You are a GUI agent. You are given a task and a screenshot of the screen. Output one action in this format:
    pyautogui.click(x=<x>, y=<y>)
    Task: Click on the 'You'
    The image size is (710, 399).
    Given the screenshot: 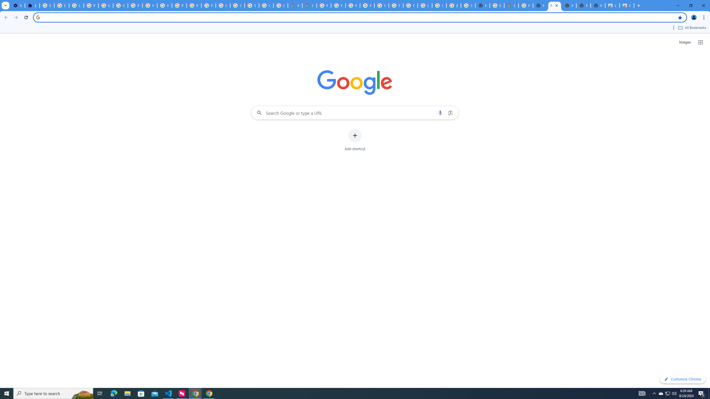 What is the action you would take?
    pyautogui.click(x=694, y=17)
    